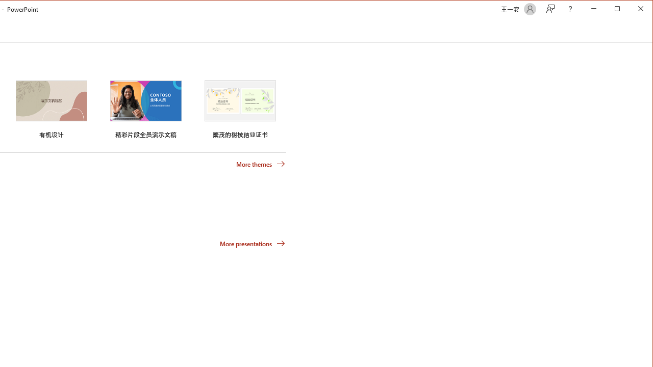 This screenshot has width=653, height=367. What do you see at coordinates (252, 244) in the screenshot?
I see `'More presentations'` at bounding box center [252, 244].